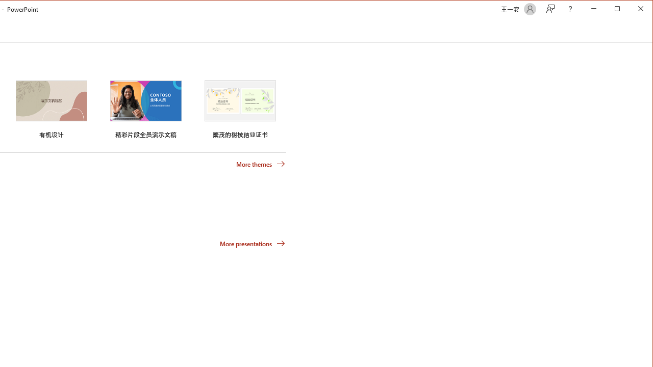 This screenshot has width=653, height=367. What do you see at coordinates (252, 244) in the screenshot?
I see `'More presentations'` at bounding box center [252, 244].